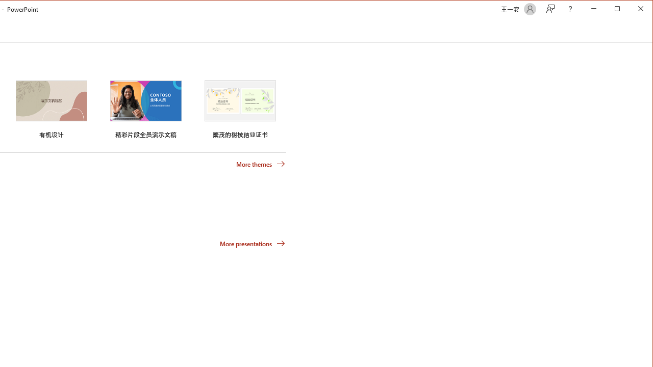 This screenshot has width=653, height=367. What do you see at coordinates (252, 244) in the screenshot?
I see `'More presentations'` at bounding box center [252, 244].